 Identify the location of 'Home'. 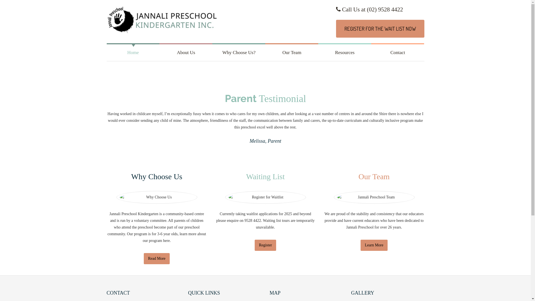
(132, 53).